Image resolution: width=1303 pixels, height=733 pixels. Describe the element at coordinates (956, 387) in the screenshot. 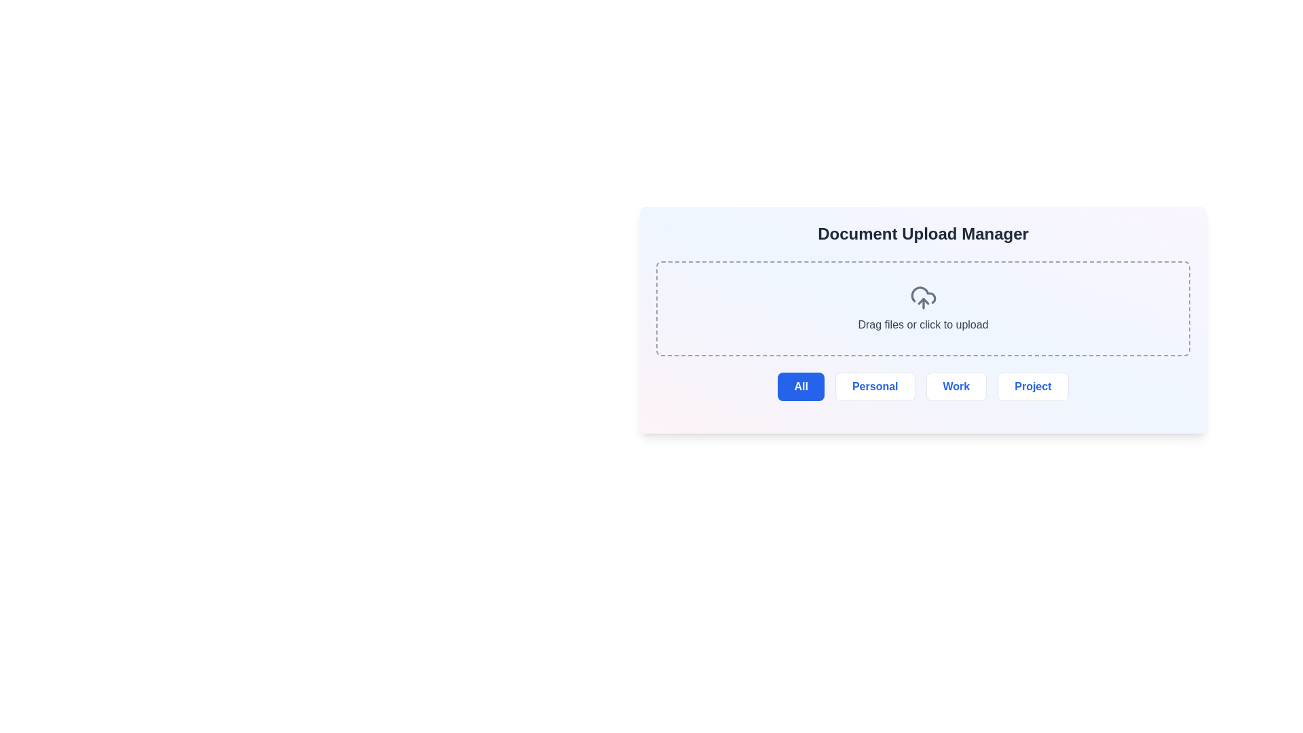

I see `the inactive 'Work' button, which has a white background and blue text` at that location.